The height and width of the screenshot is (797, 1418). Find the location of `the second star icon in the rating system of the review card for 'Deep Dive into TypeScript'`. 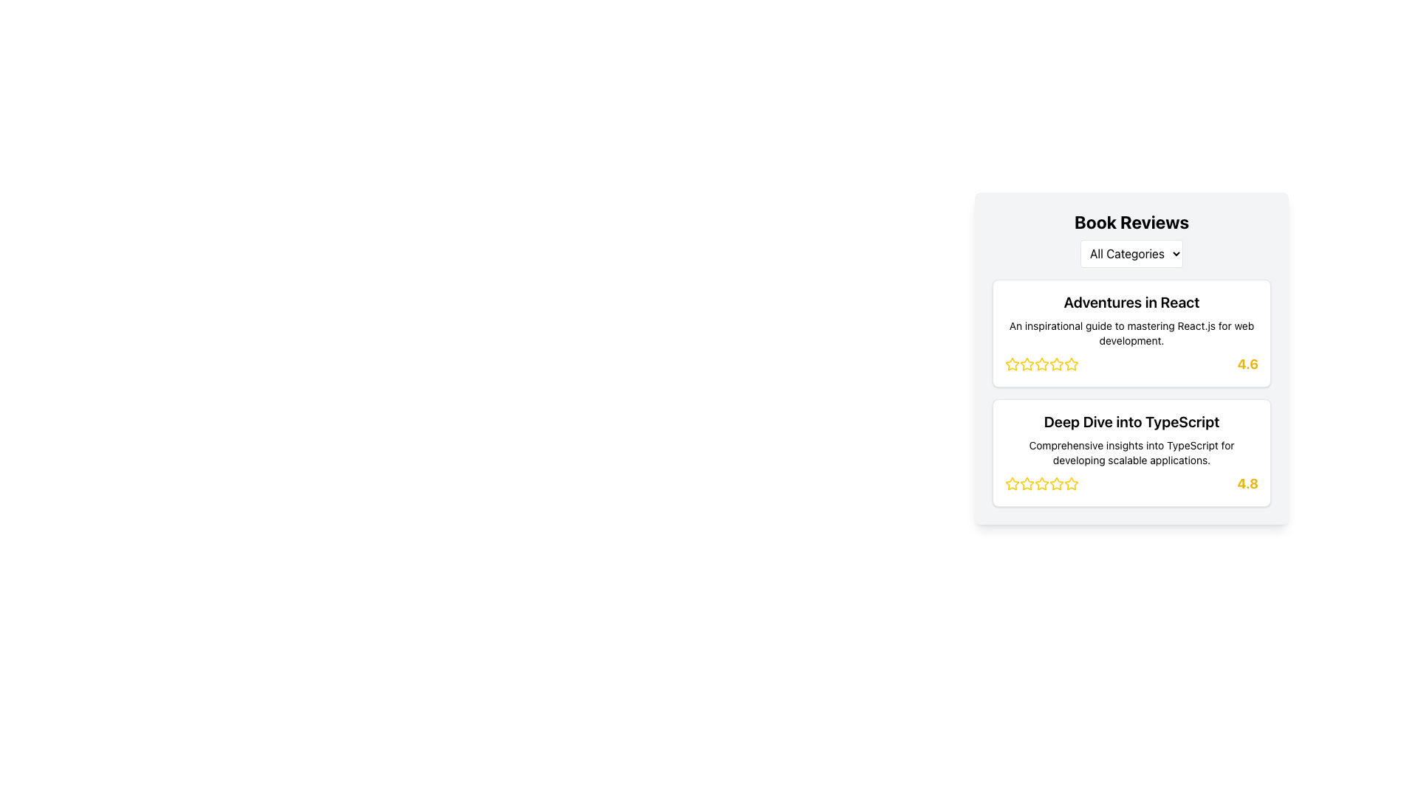

the second star icon in the rating system of the review card for 'Deep Dive into TypeScript' is located at coordinates (1027, 483).